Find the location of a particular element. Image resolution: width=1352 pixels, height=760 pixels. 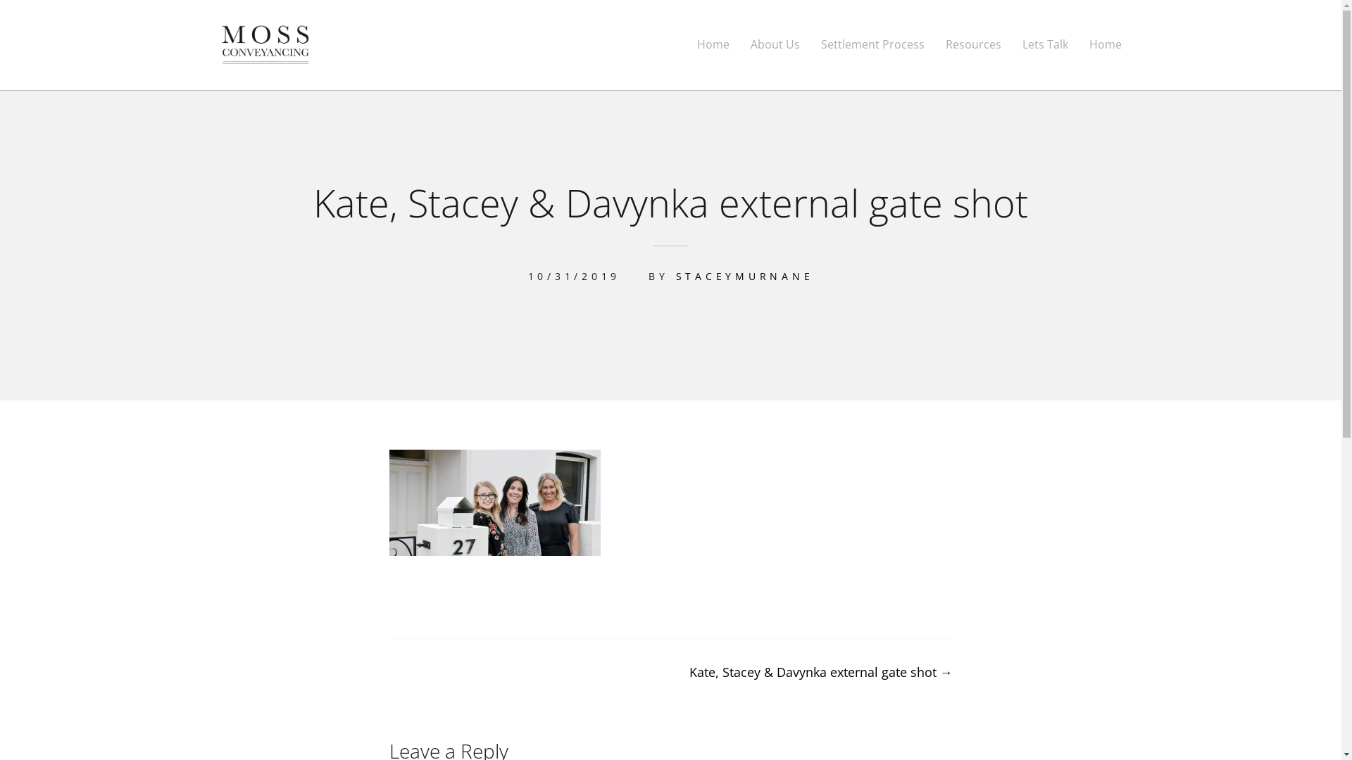

'About Us' is located at coordinates (774, 44).